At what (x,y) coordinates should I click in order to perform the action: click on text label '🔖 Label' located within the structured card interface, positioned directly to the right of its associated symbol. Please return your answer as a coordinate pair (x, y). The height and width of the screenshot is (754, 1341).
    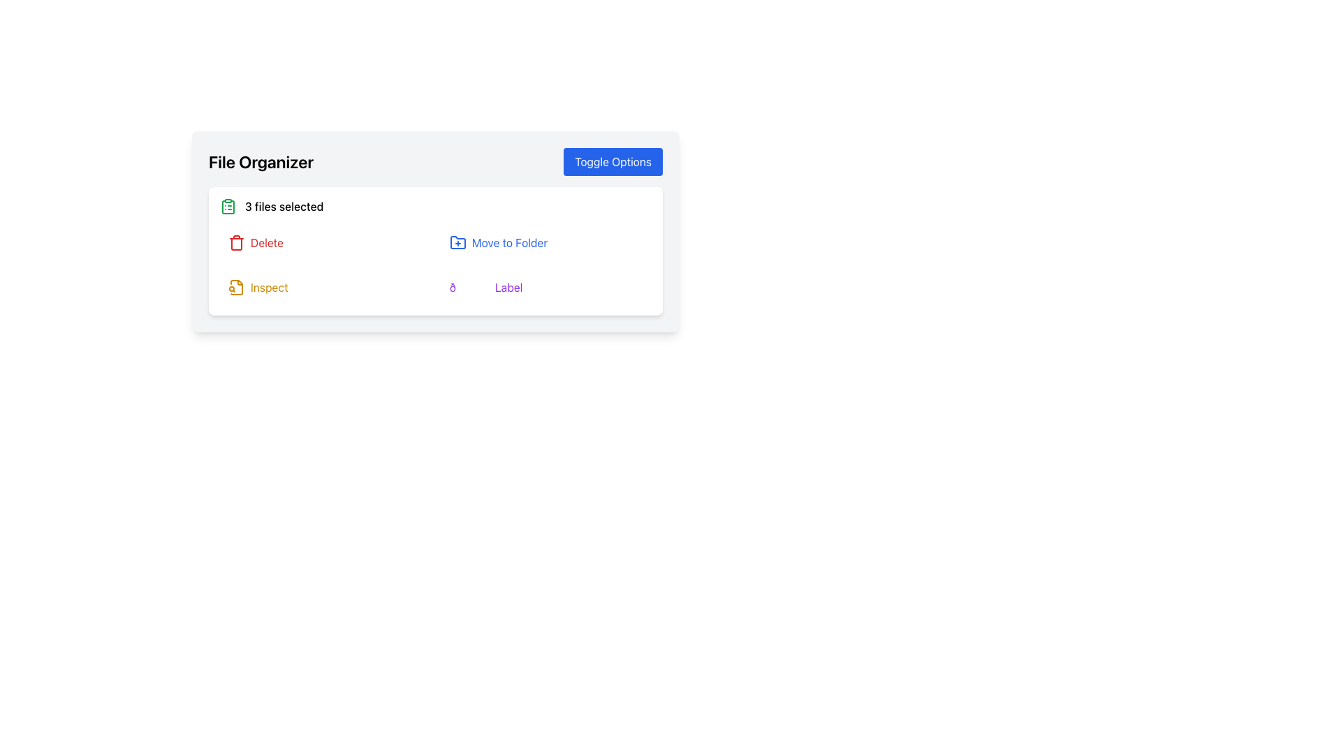
    Looking at the image, I should click on (508, 287).